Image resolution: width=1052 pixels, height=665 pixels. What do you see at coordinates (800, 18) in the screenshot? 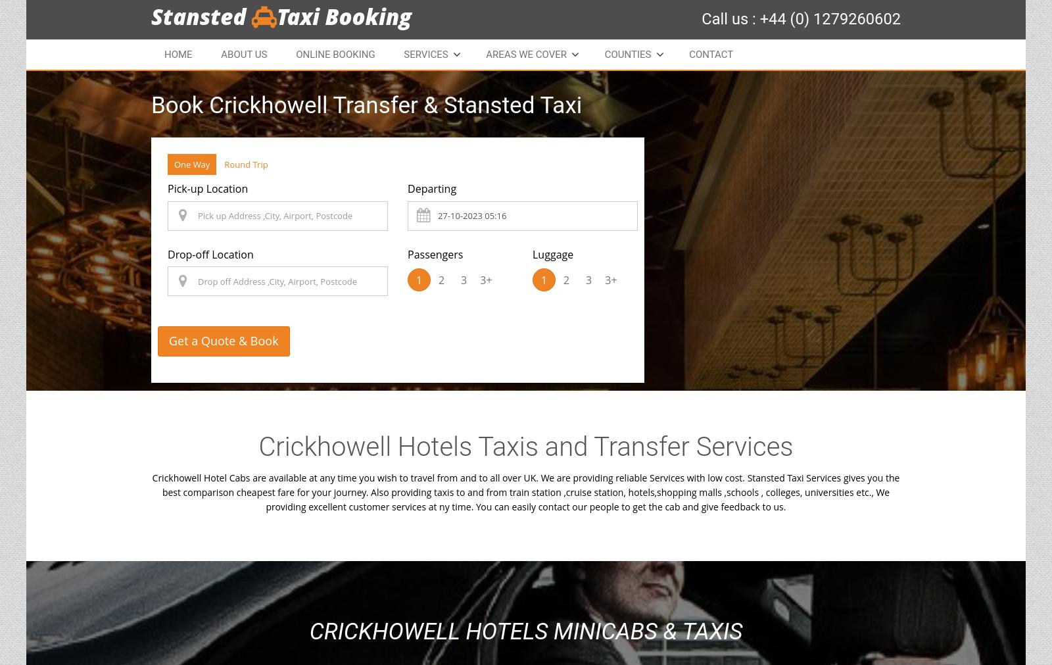
I see `'Call us : +44 (0) 1279260602'` at bounding box center [800, 18].